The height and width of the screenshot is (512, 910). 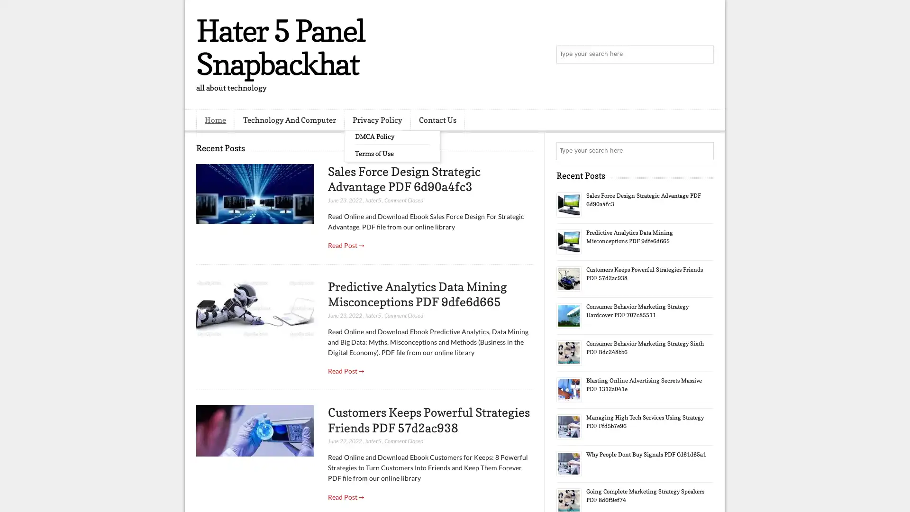 What do you see at coordinates (704, 151) in the screenshot?
I see `Search` at bounding box center [704, 151].